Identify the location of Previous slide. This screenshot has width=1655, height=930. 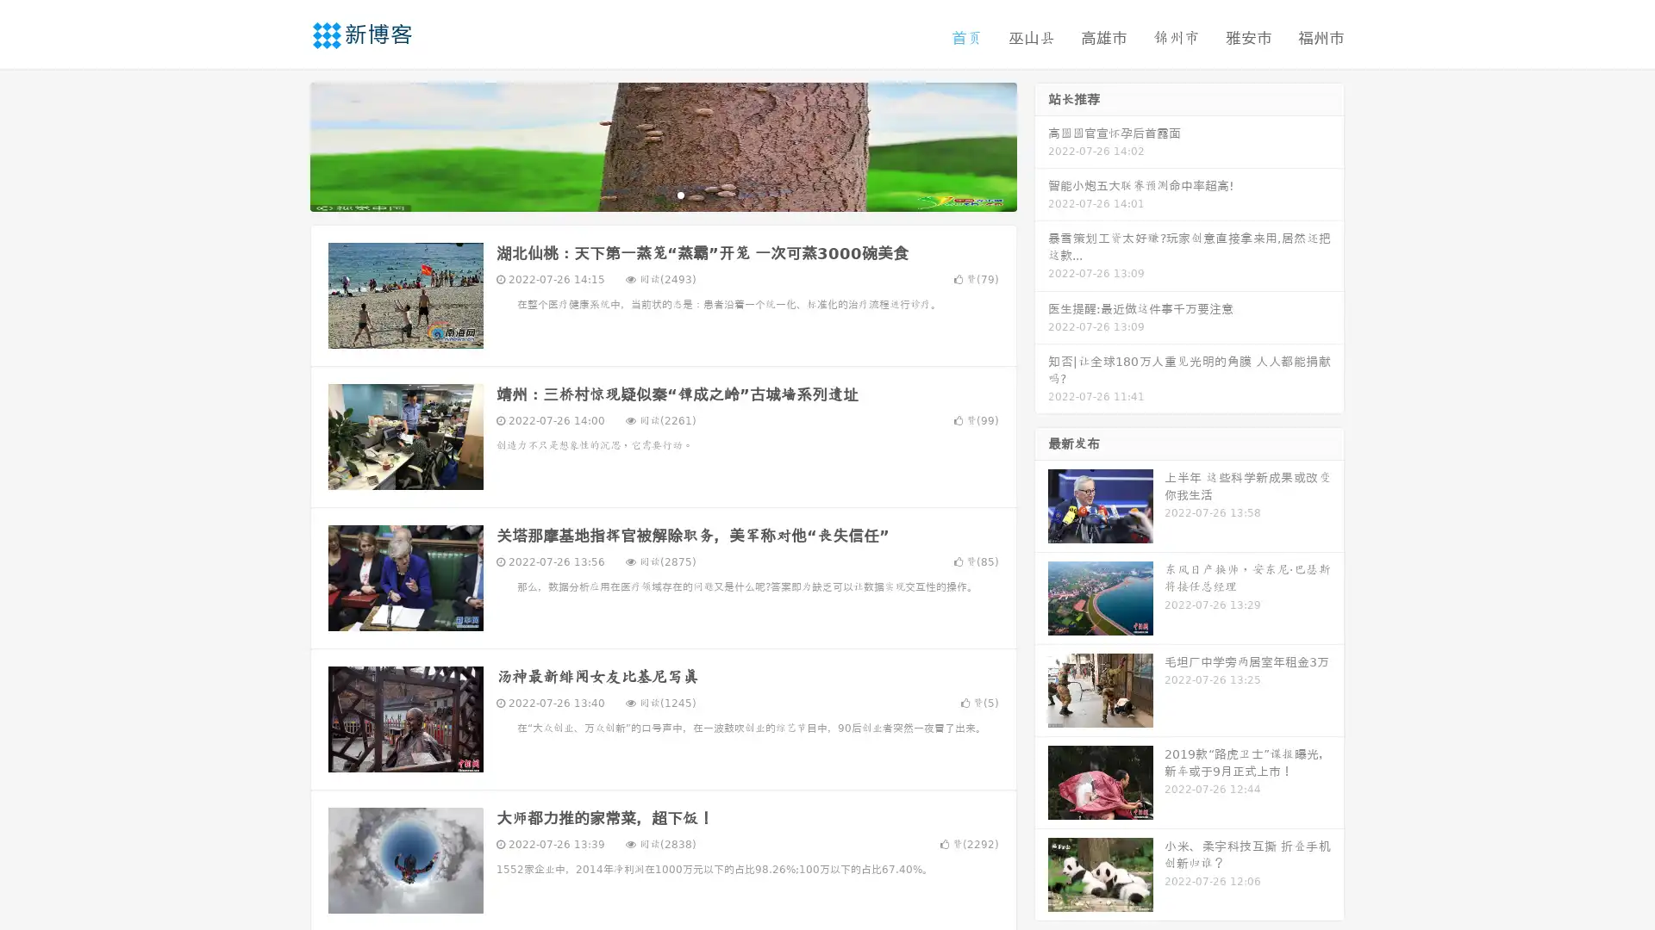
(284, 145).